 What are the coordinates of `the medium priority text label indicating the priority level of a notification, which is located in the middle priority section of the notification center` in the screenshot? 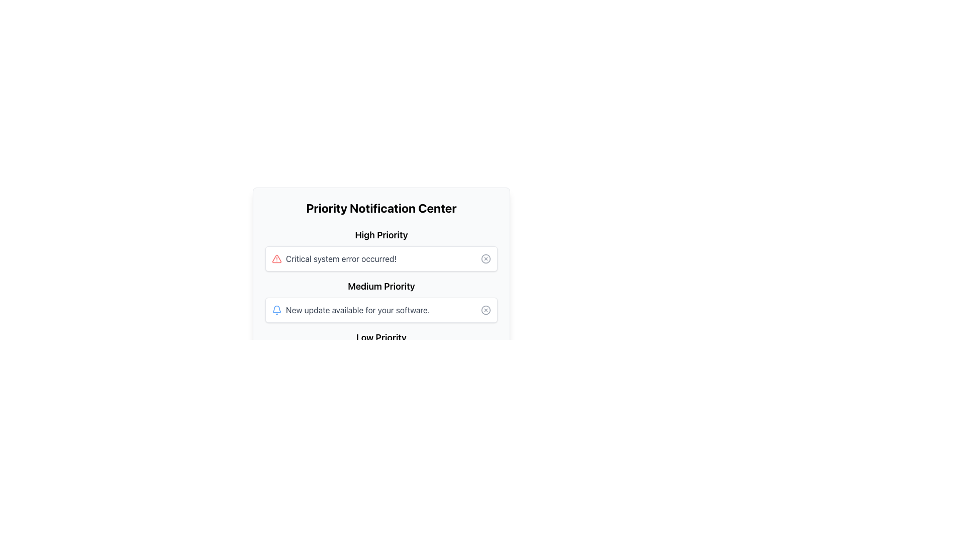 It's located at (380, 287).